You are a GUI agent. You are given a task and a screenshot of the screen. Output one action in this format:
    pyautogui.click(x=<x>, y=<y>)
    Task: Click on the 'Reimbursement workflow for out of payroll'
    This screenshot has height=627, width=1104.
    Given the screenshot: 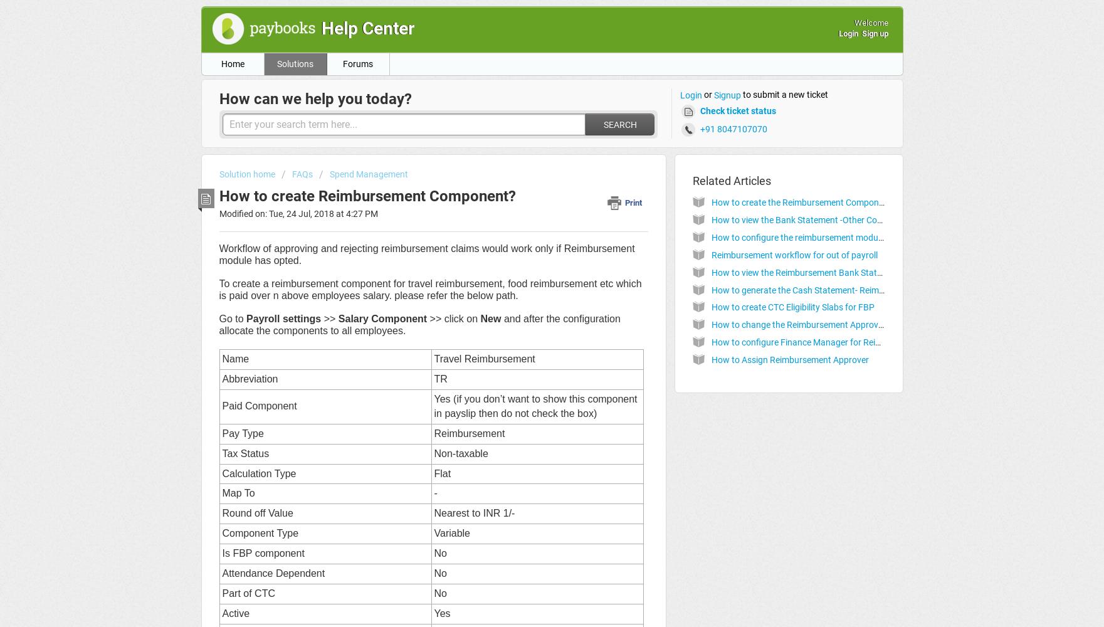 What is the action you would take?
    pyautogui.click(x=794, y=255)
    